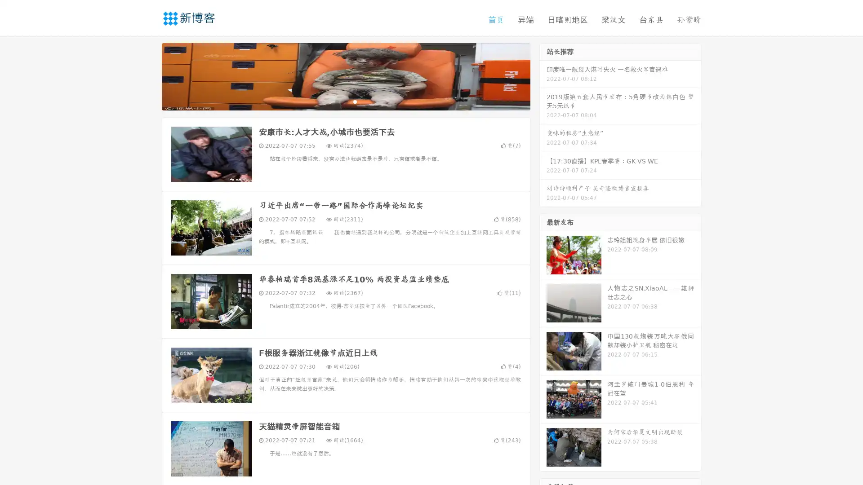 This screenshot has width=863, height=485. I want to click on Next slide, so click(543, 75).